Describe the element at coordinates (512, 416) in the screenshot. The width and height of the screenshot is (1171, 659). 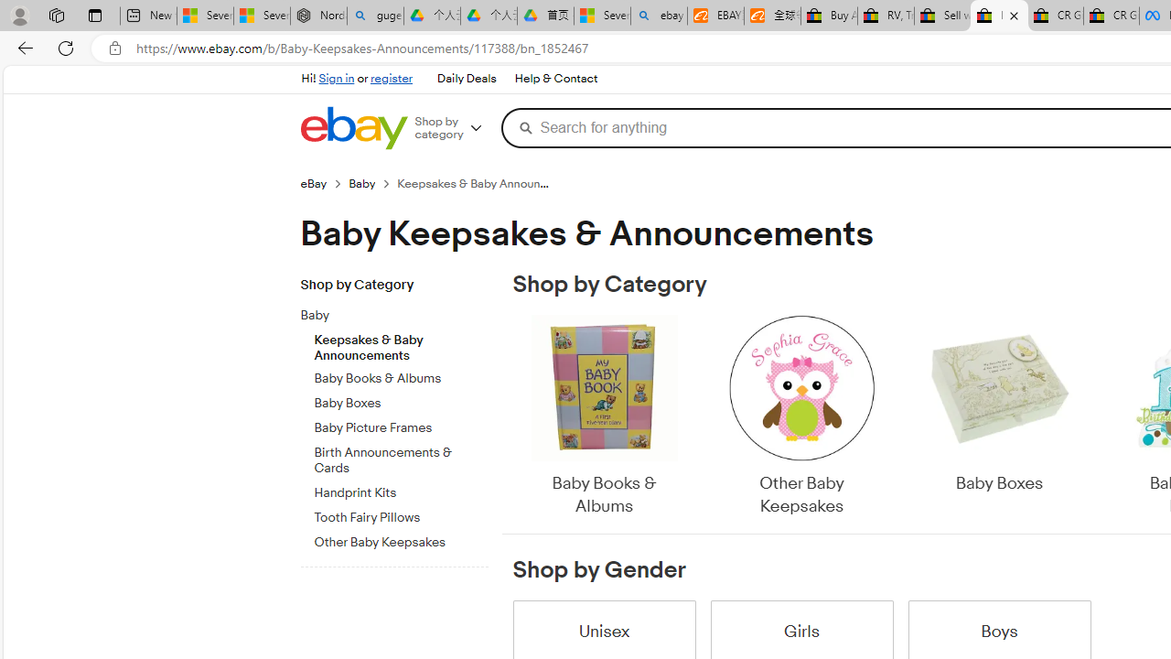
I see `'Go to previous slide'` at that location.